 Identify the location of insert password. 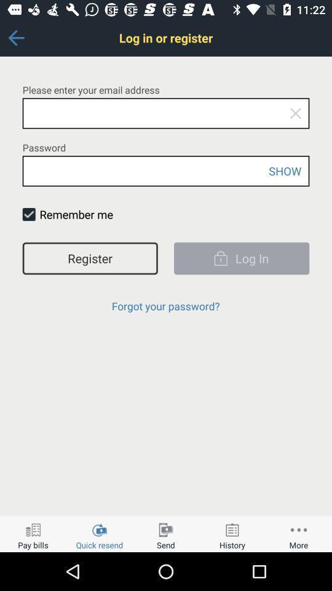
(166, 171).